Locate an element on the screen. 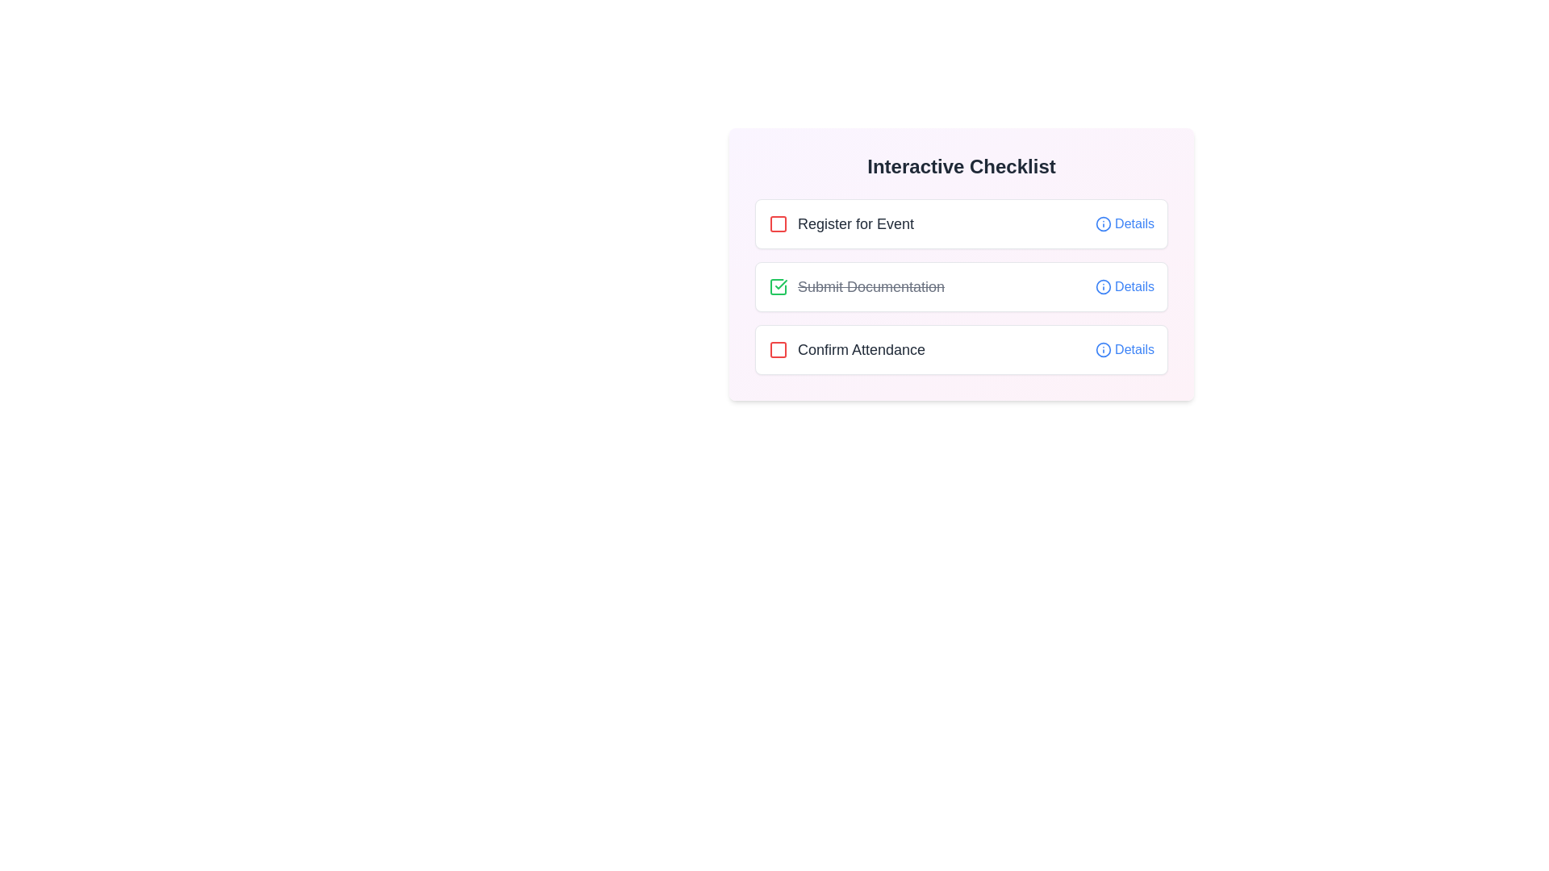 The image size is (1549, 871). the outermost circular boundary of the information icon located next to the 'Submit Documentation' list item is located at coordinates (1103, 223).